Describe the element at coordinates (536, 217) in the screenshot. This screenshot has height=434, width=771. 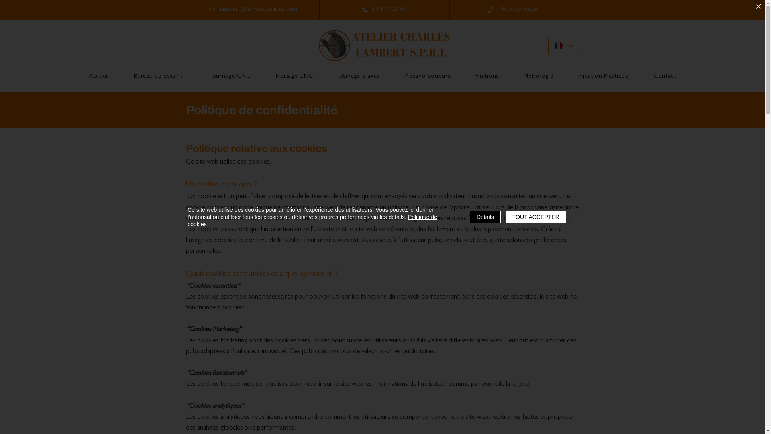
I see `'TOUT ACCEPTER'` at that location.